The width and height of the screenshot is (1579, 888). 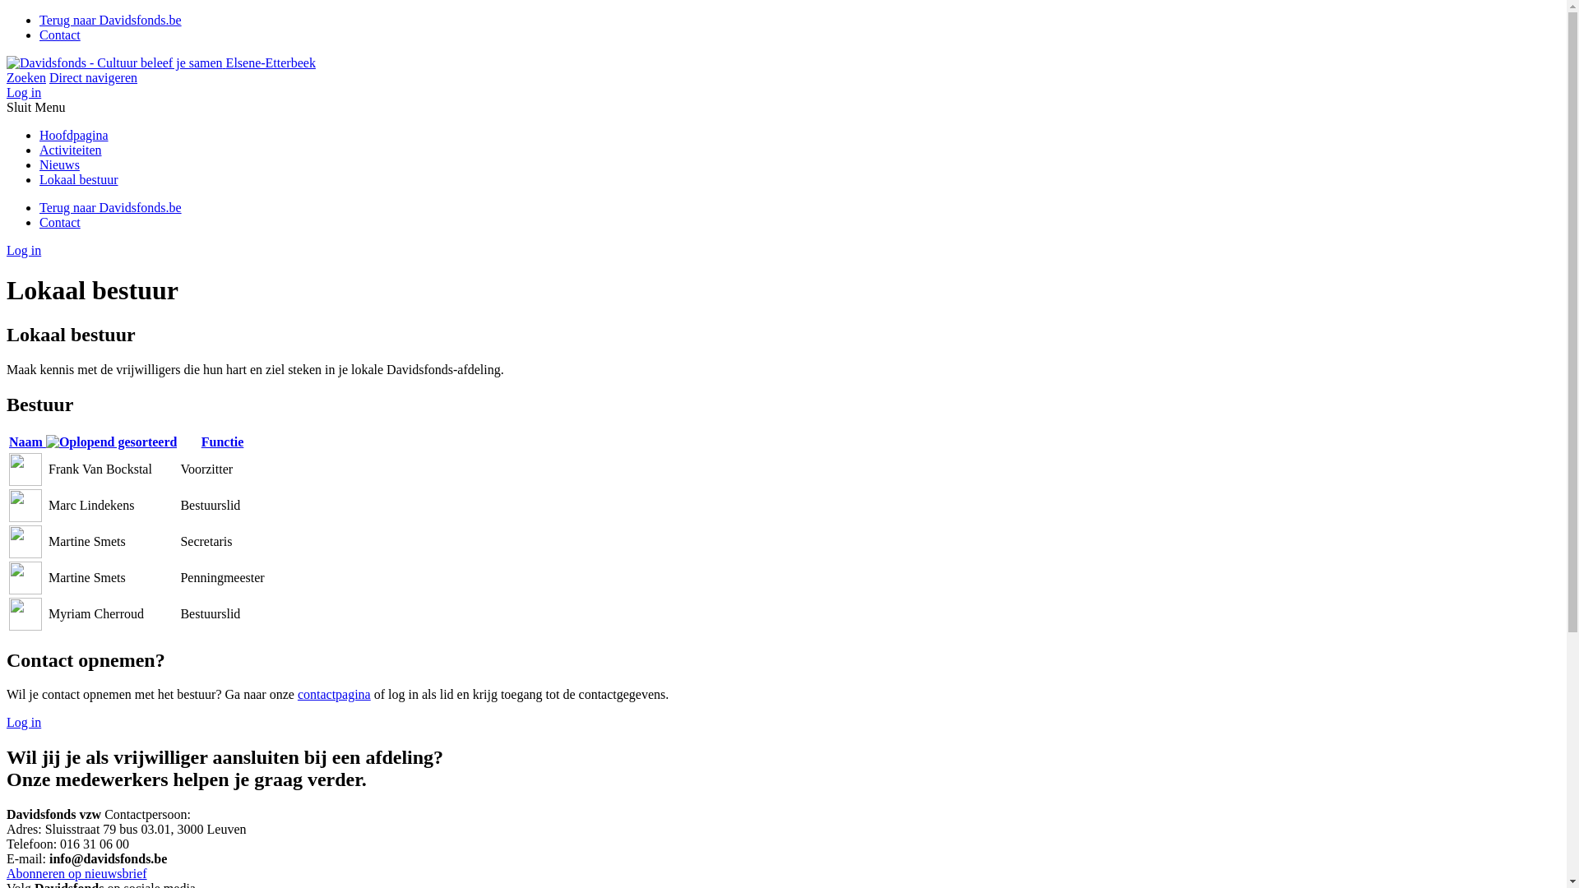 What do you see at coordinates (70, 150) in the screenshot?
I see `'Activiteiten'` at bounding box center [70, 150].